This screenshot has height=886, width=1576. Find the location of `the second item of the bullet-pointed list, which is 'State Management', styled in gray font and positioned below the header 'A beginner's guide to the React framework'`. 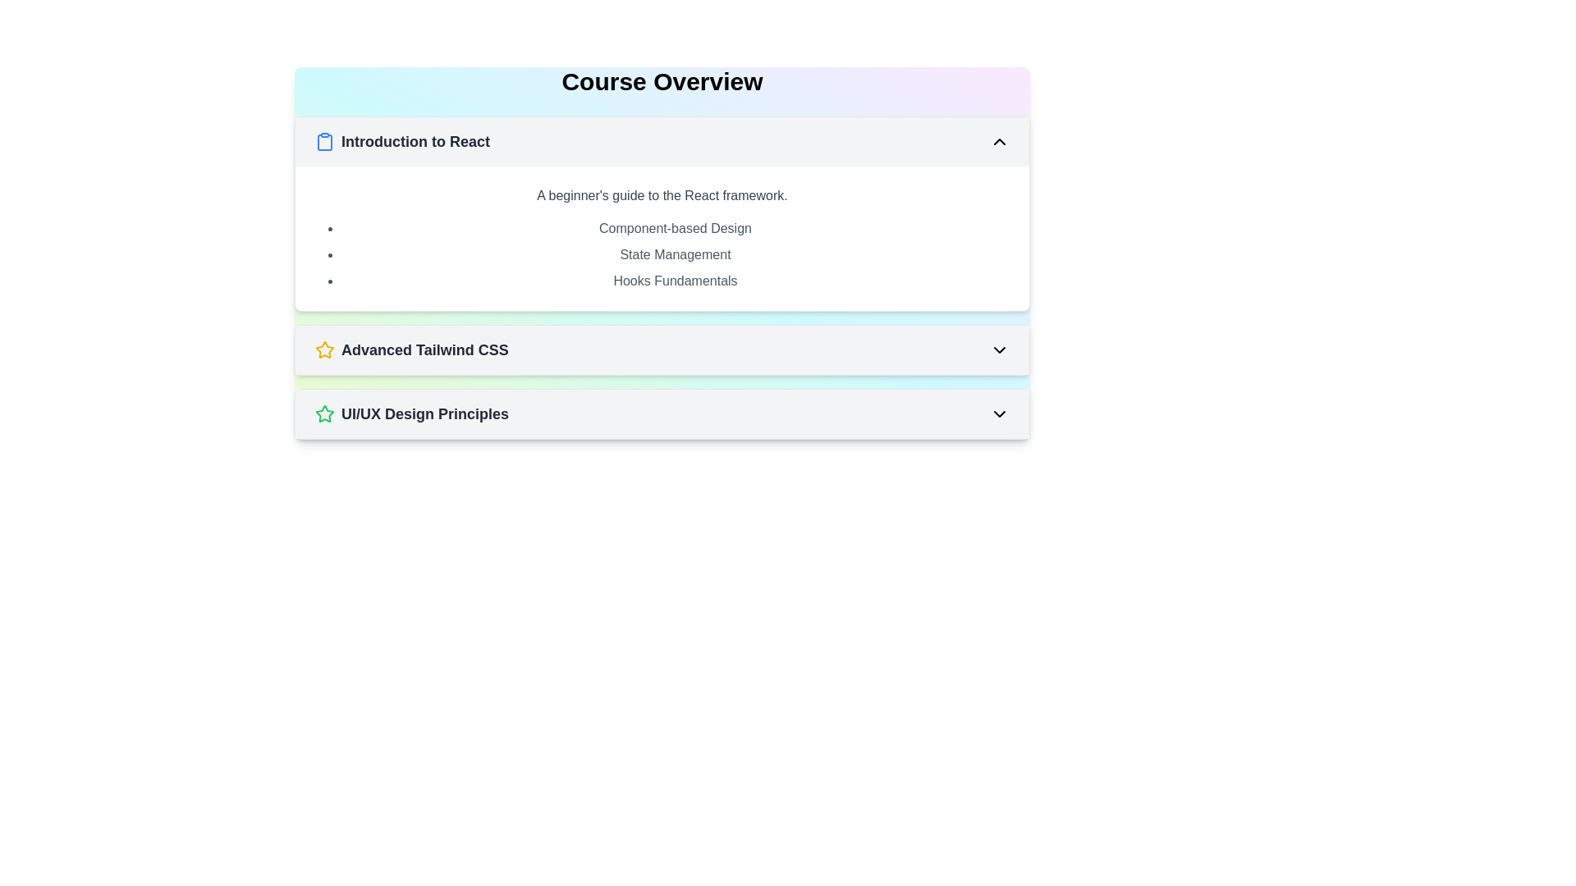

the second item of the bullet-pointed list, which is 'State Management', styled in gray font and positioned below the header 'A beginner's guide to the React framework' is located at coordinates (662, 255).